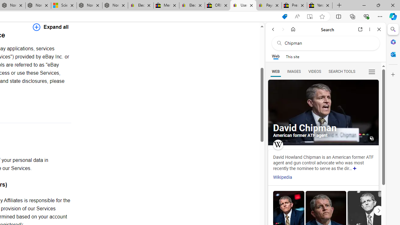 This screenshot has width=400, height=225. Describe the element at coordinates (292, 56) in the screenshot. I see `'This site scope'` at that location.